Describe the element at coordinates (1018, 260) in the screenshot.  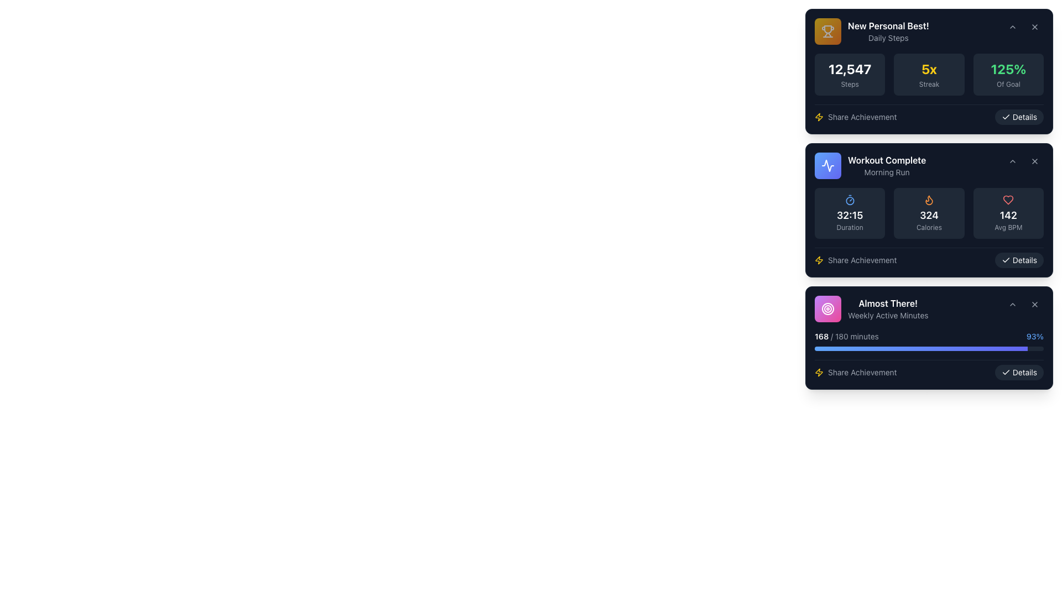
I see `the button located in the lower-right corner of the second card in a vertical stack of three cards` at that location.